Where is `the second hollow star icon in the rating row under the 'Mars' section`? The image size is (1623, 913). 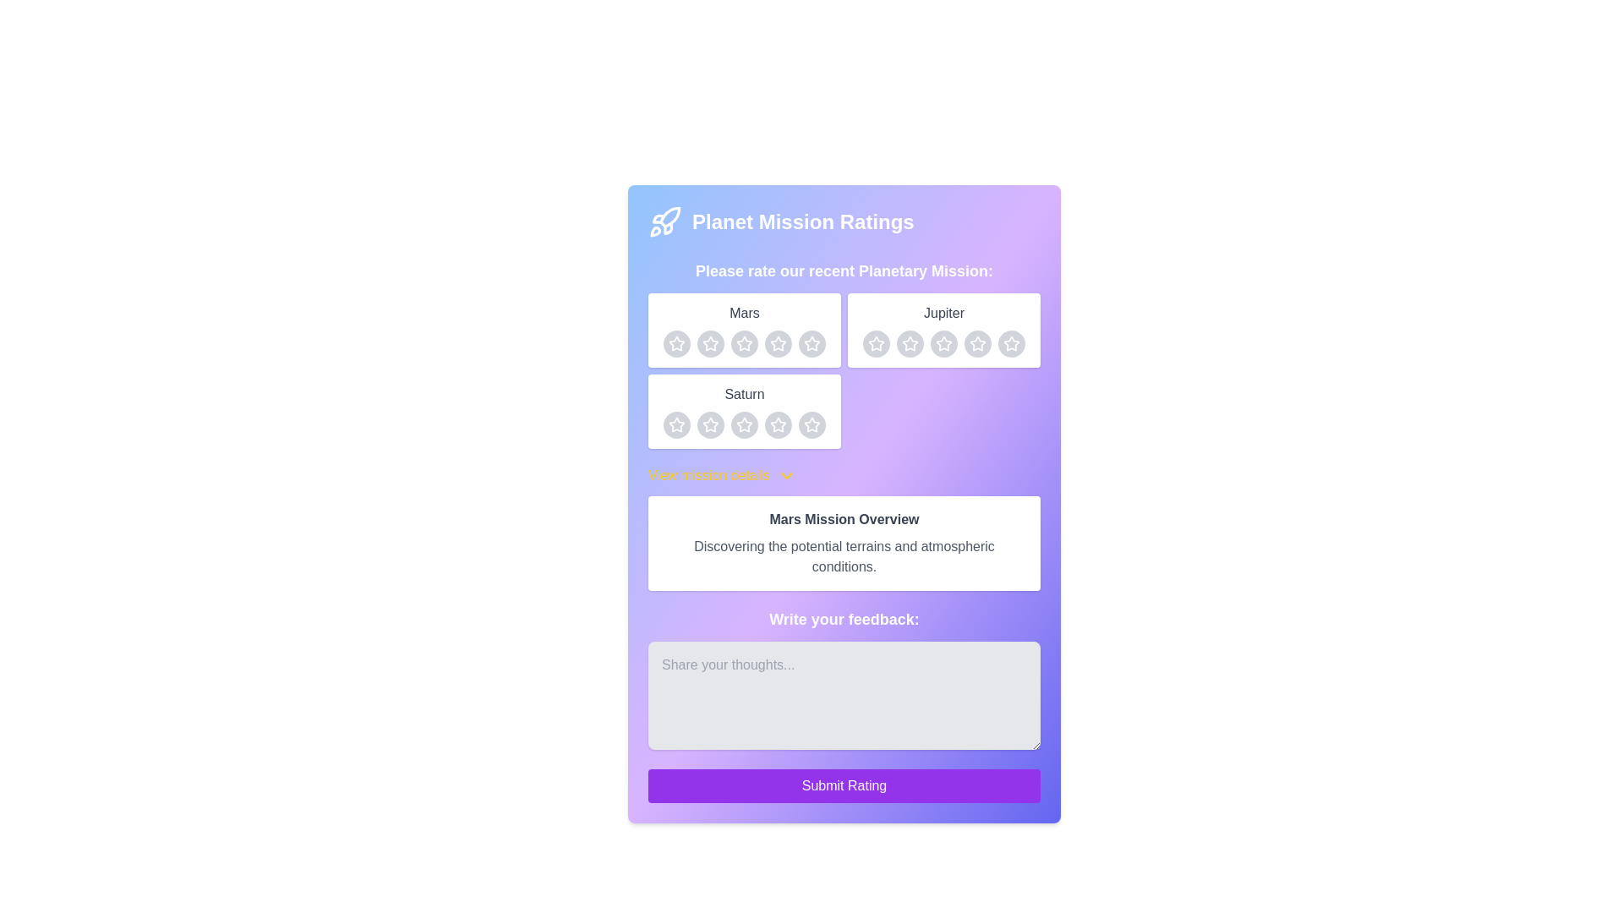 the second hollow star icon in the rating row under the 'Mars' section is located at coordinates (743, 342).